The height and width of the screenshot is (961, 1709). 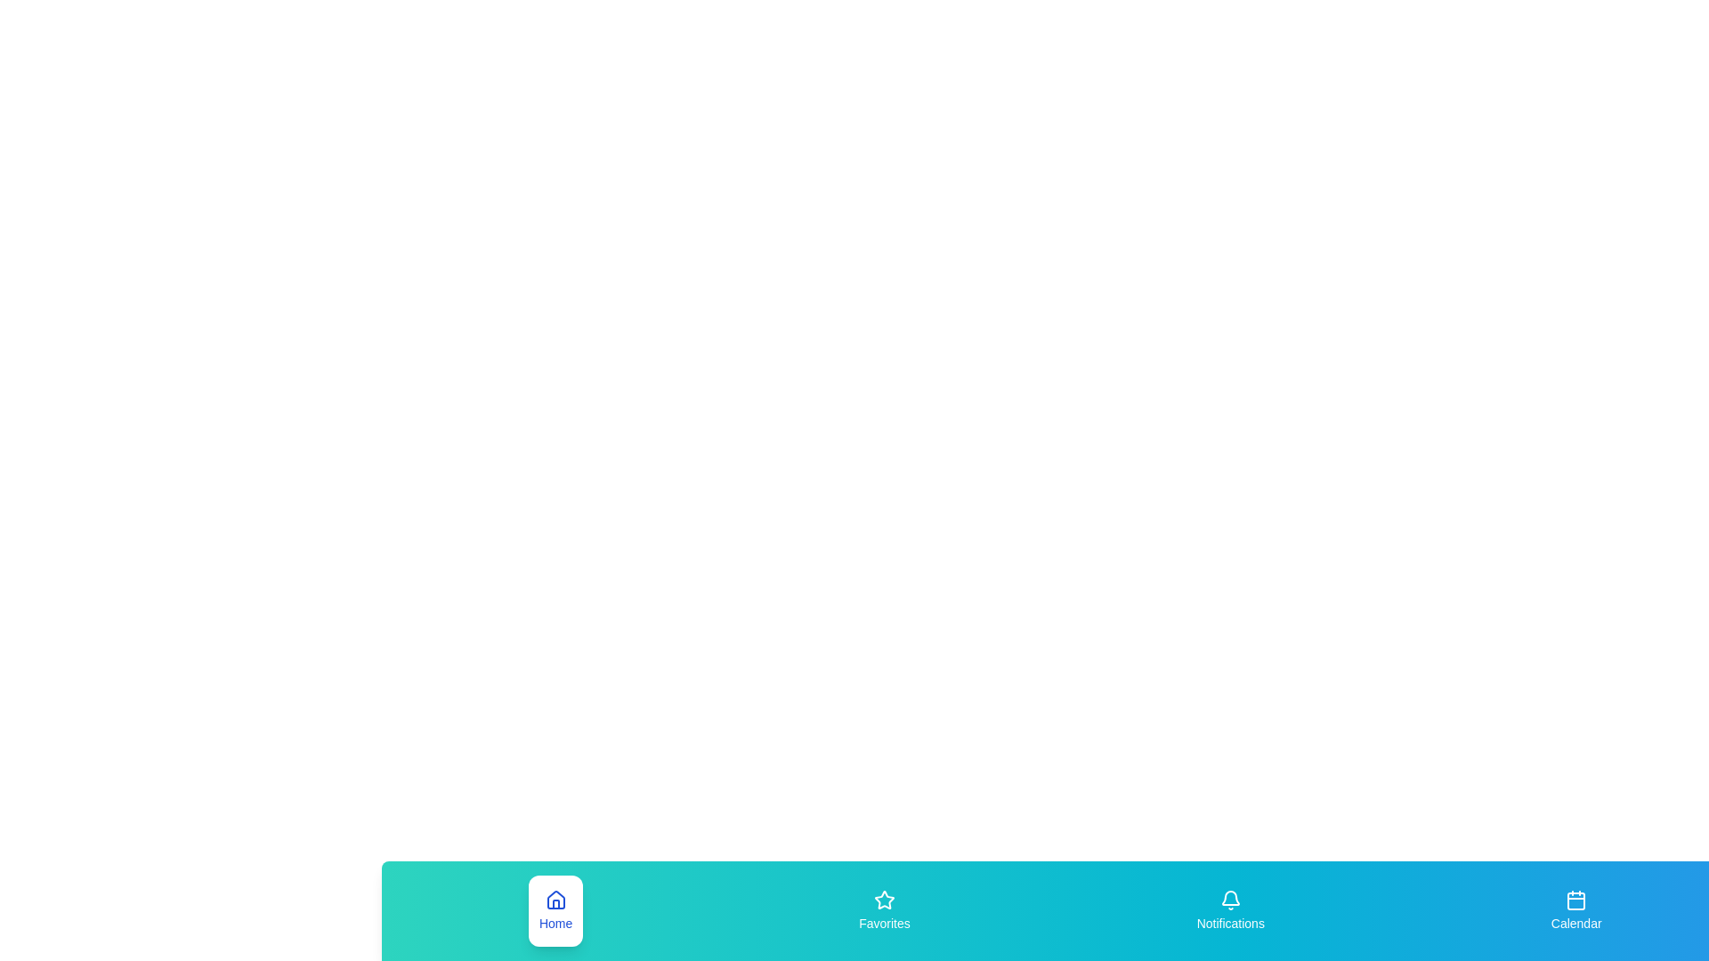 I want to click on the Notifications button to inspect its tooltip, so click(x=1229, y=910).